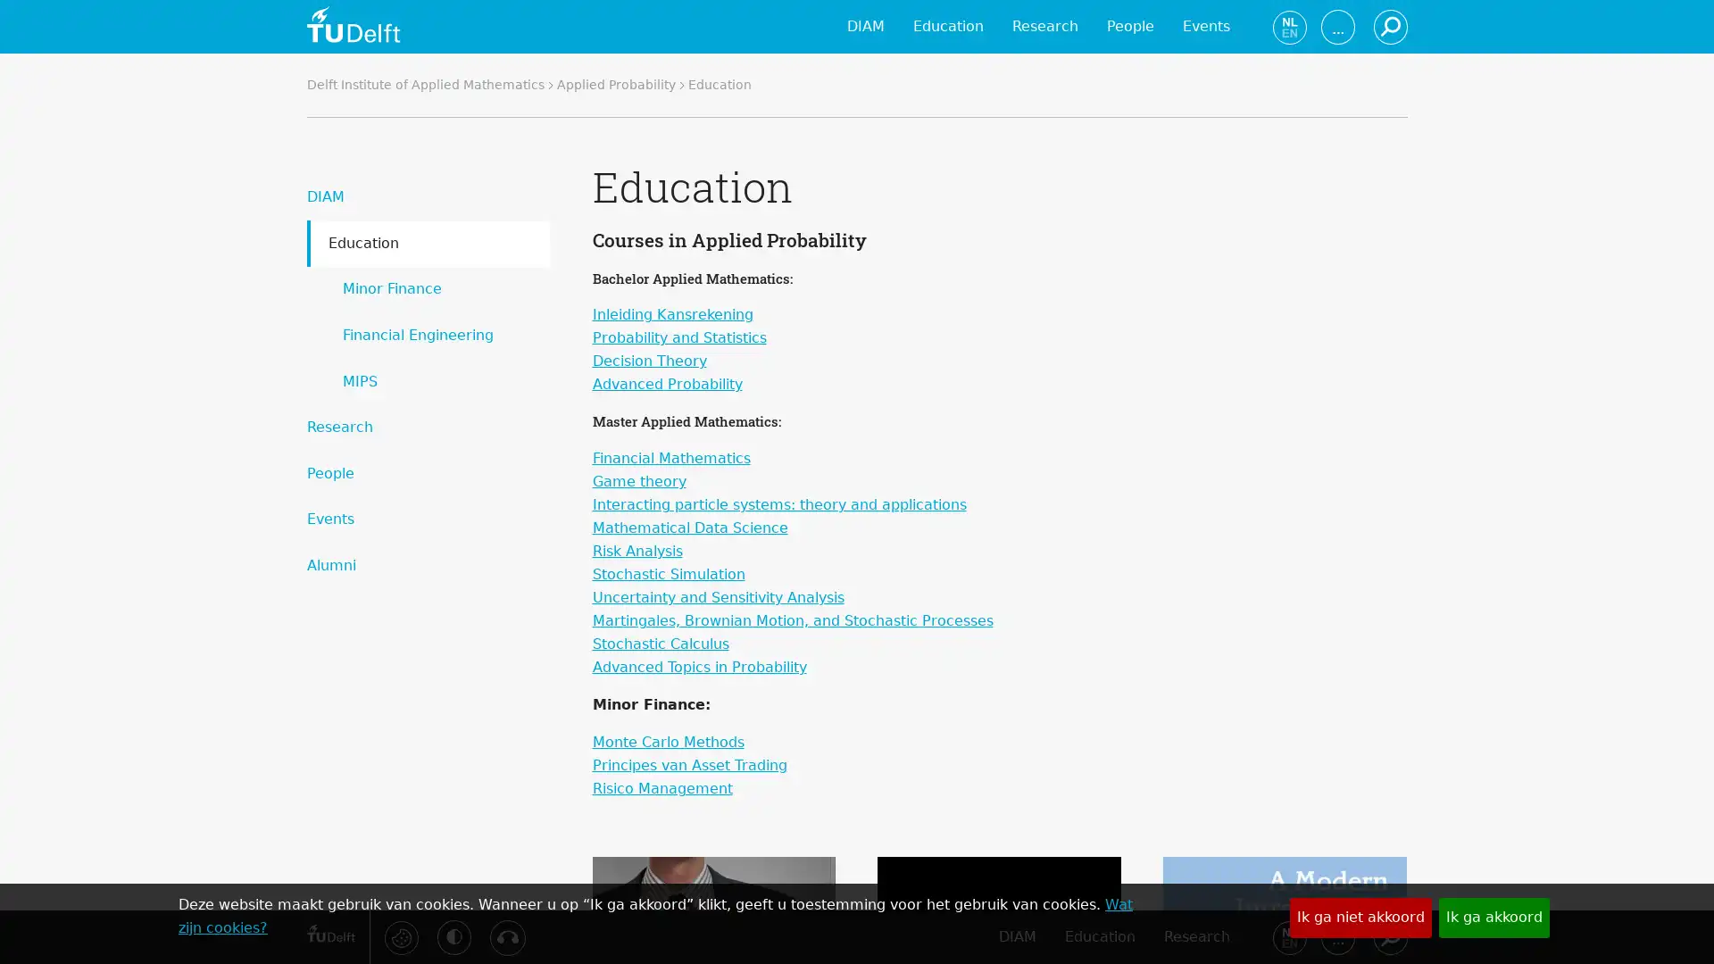  I want to click on Zoeken, so click(1388, 935).